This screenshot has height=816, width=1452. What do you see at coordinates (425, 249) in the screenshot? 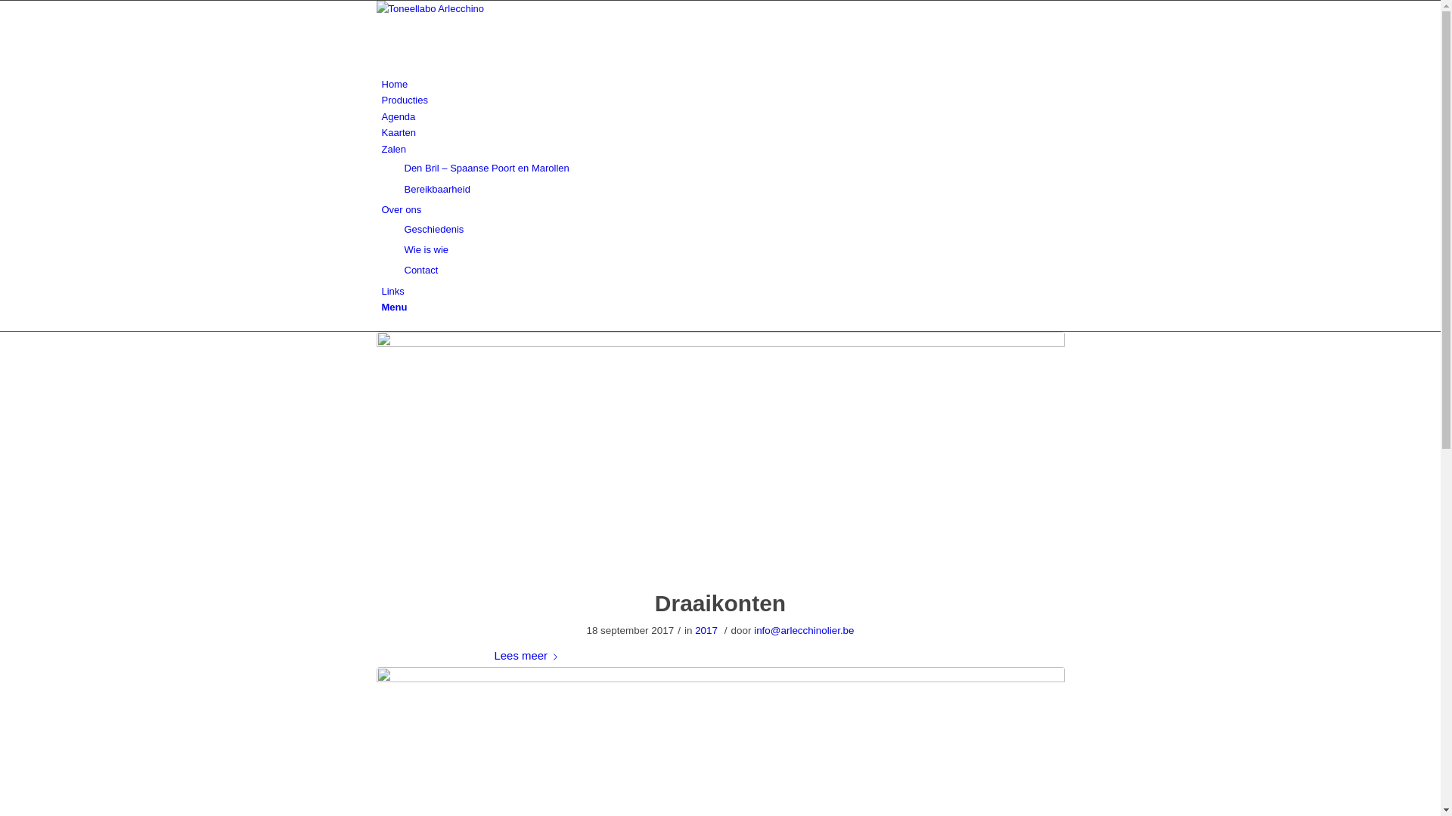
I see `'Wie is wie'` at bounding box center [425, 249].